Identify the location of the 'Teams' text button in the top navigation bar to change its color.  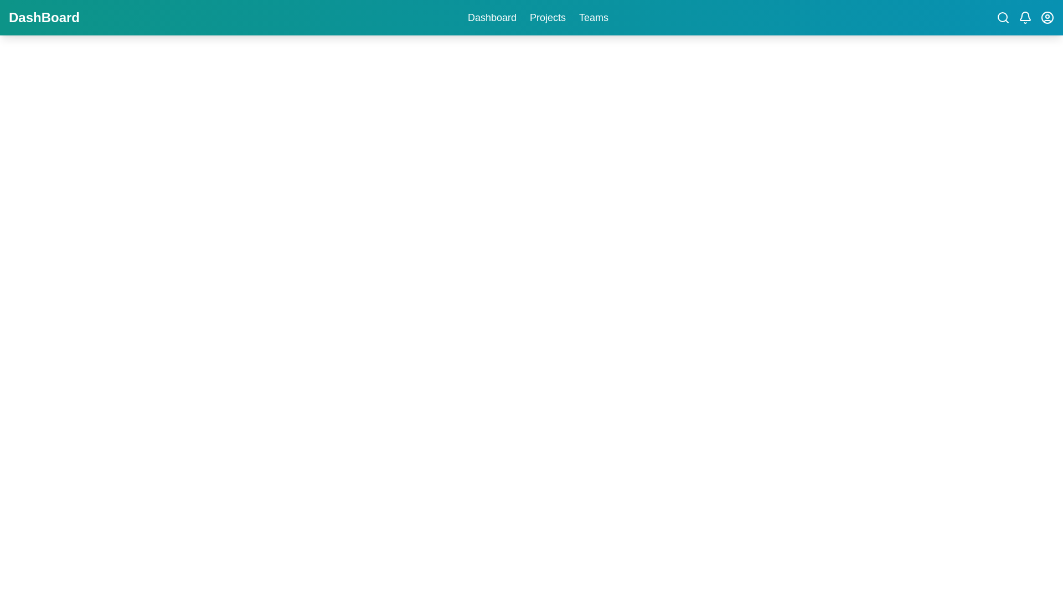
(593, 17).